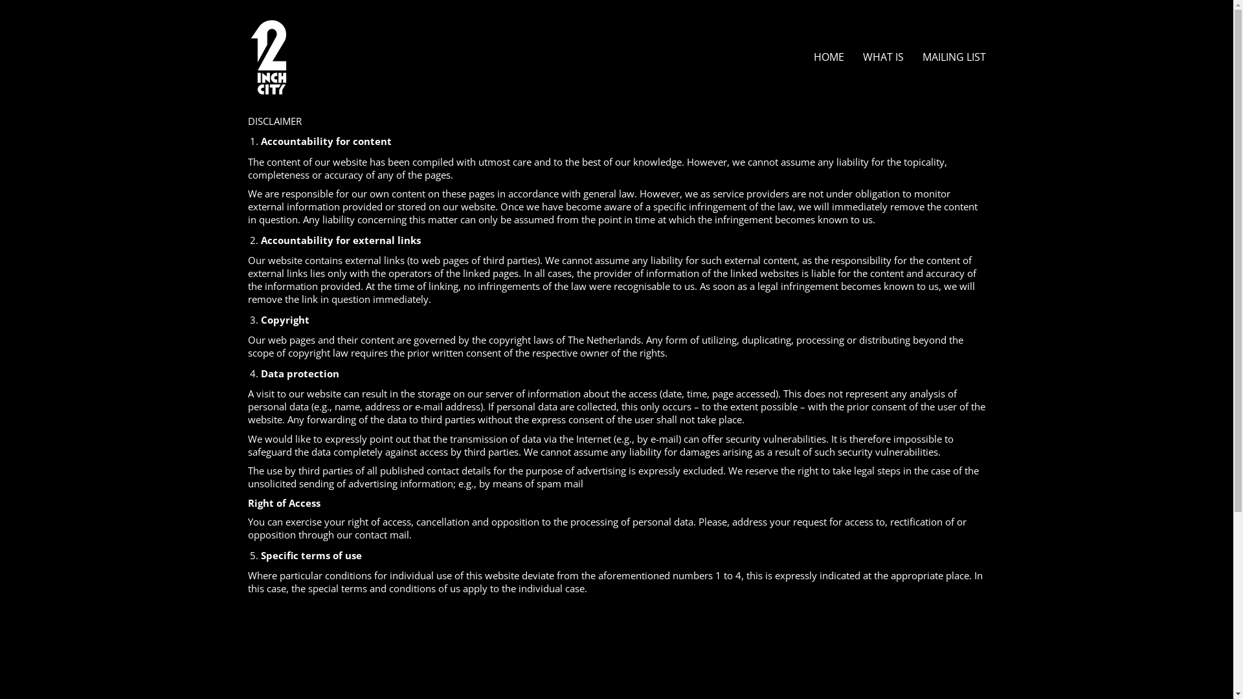 This screenshot has width=1243, height=699. What do you see at coordinates (882, 56) in the screenshot?
I see `'WHAT IS'` at bounding box center [882, 56].